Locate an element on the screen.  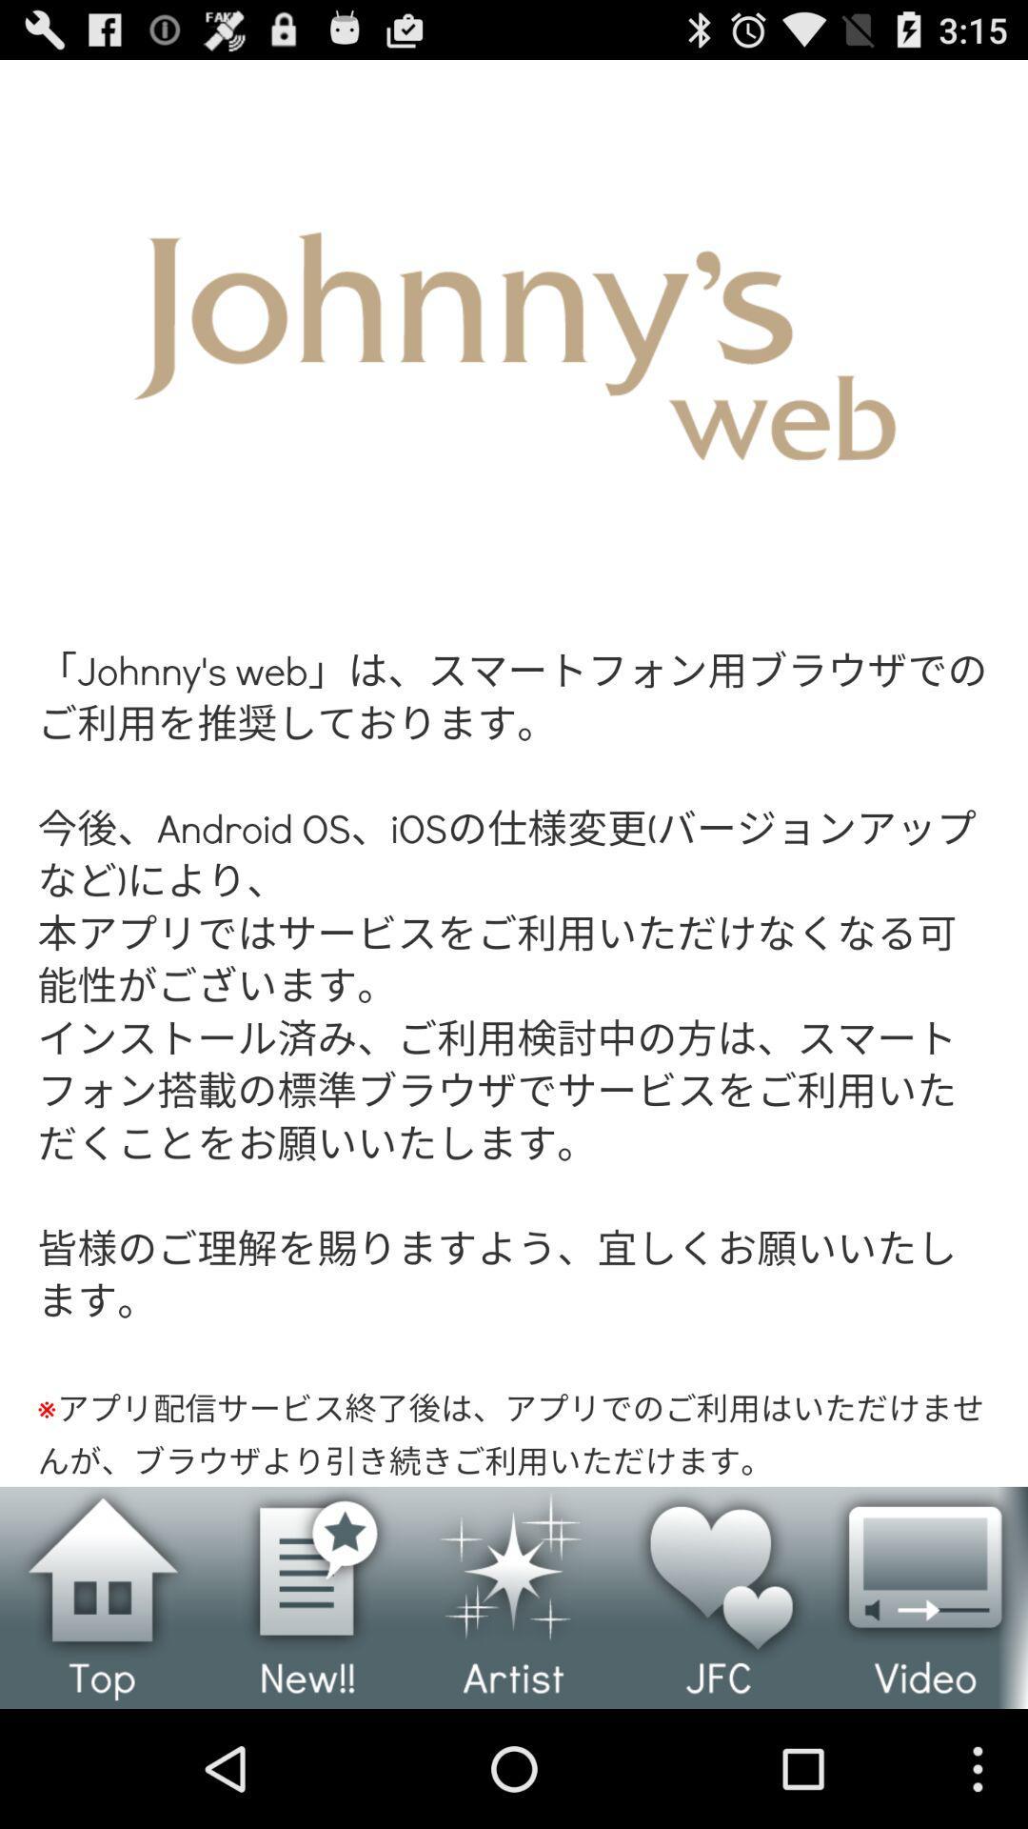
the main menu is located at coordinates (103, 1598).